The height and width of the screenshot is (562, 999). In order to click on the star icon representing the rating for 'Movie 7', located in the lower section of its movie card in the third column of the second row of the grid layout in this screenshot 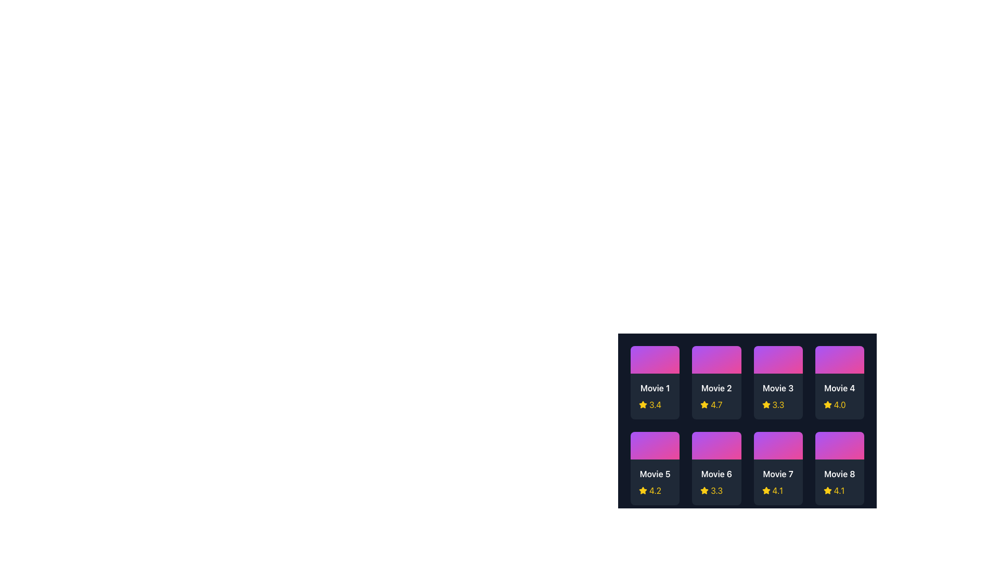, I will do `click(766, 490)`.